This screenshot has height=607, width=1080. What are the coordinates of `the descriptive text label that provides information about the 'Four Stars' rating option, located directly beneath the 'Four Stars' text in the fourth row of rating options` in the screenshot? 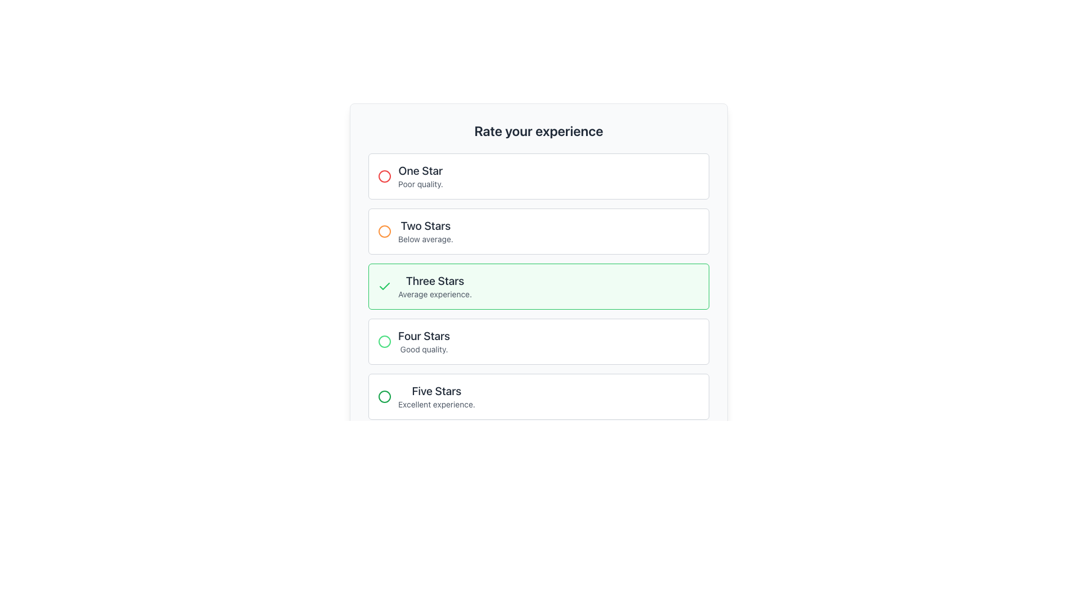 It's located at (423, 348).